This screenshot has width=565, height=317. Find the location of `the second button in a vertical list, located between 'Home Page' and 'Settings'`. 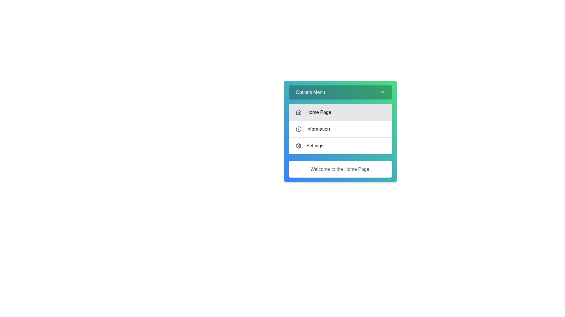

the second button in a vertical list, located between 'Home Page' and 'Settings' is located at coordinates (340, 129).